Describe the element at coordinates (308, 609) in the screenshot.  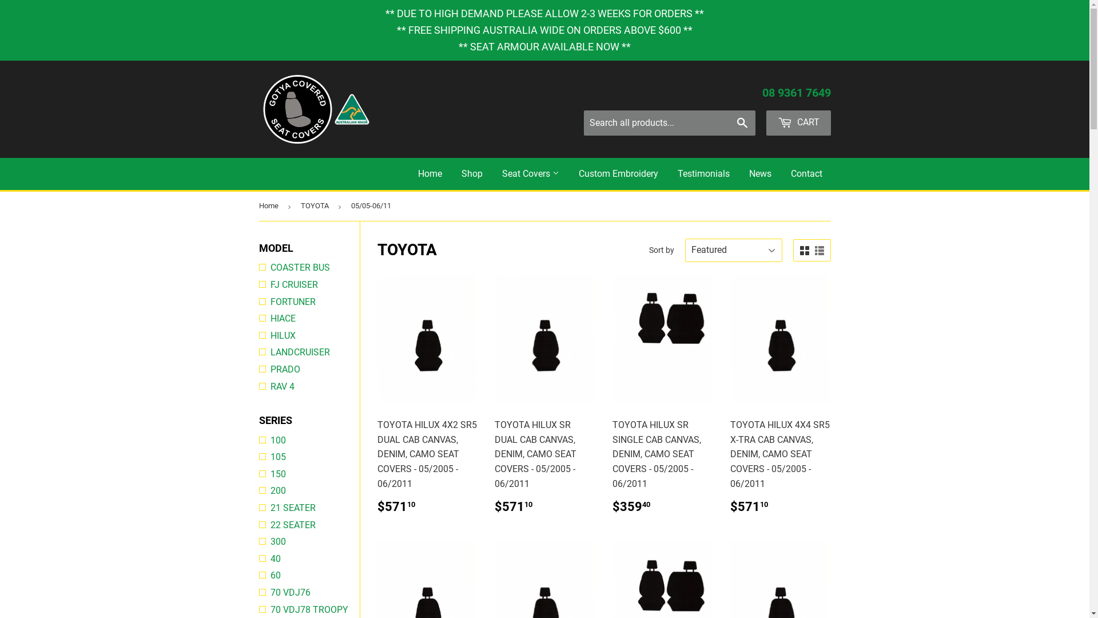
I see `'70 VDJ78 TROOPY'` at that location.